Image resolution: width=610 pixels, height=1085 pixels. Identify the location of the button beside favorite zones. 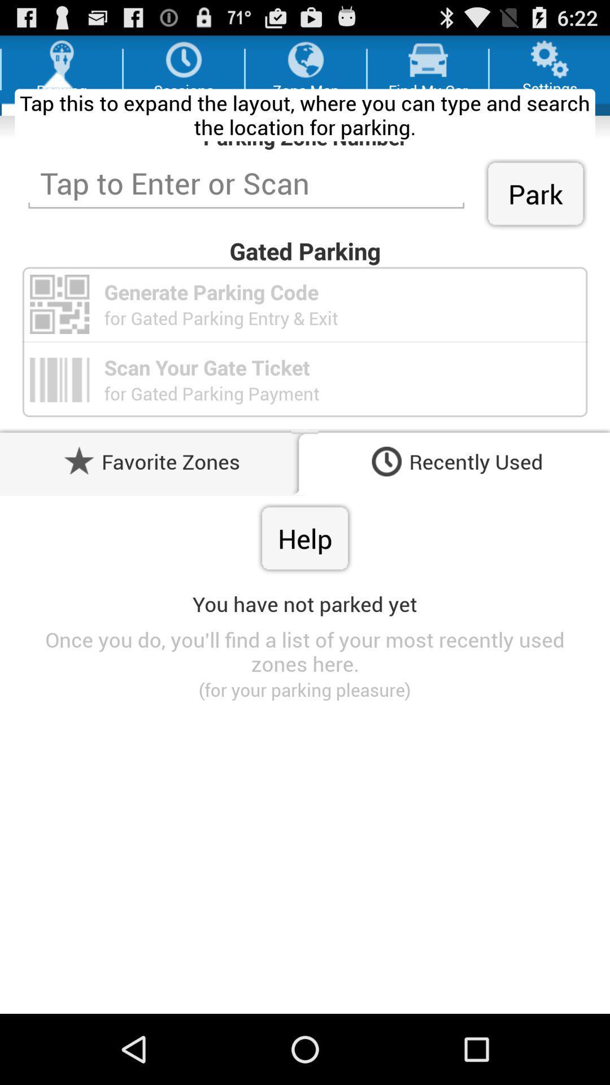
(79, 461).